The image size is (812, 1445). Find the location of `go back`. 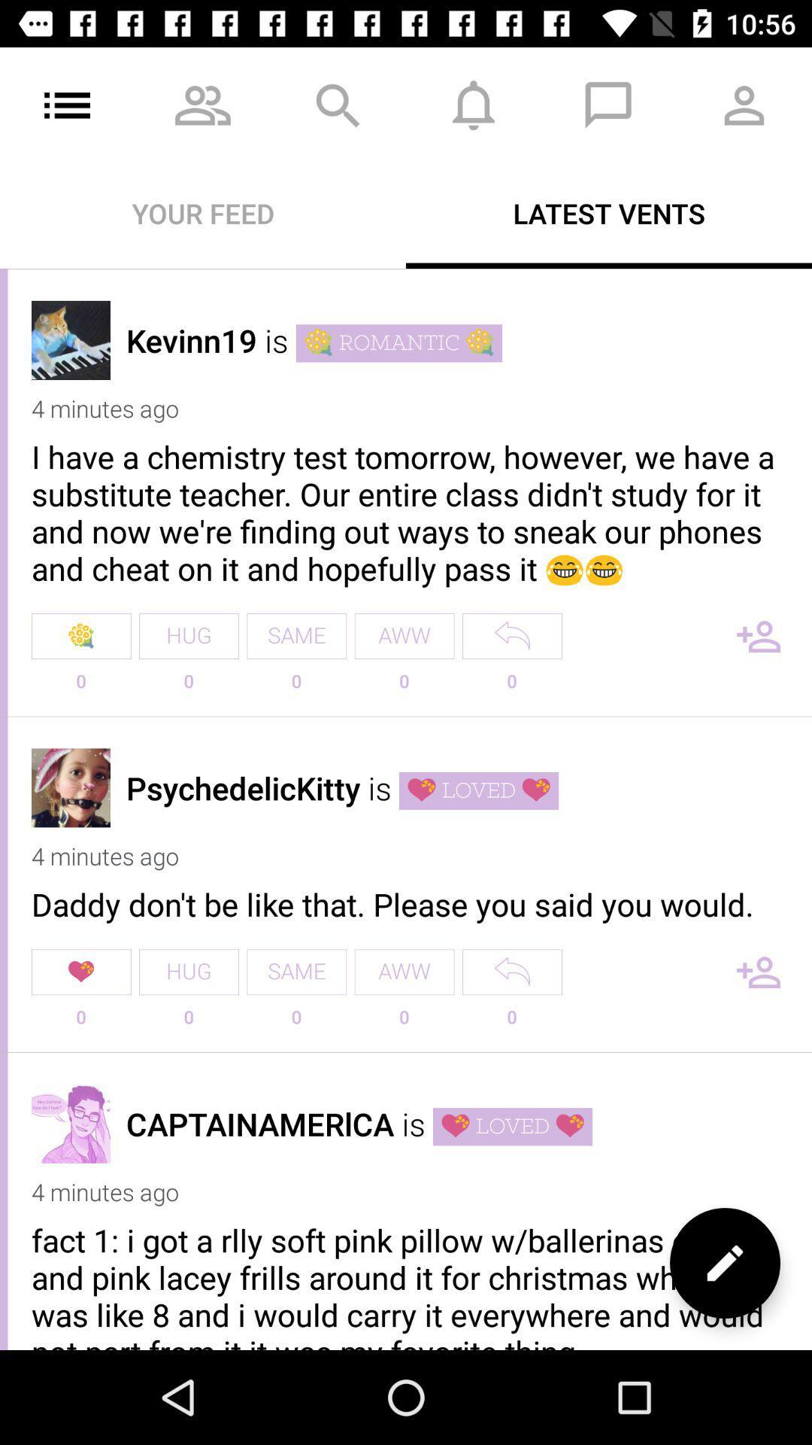

go back is located at coordinates (511, 972).